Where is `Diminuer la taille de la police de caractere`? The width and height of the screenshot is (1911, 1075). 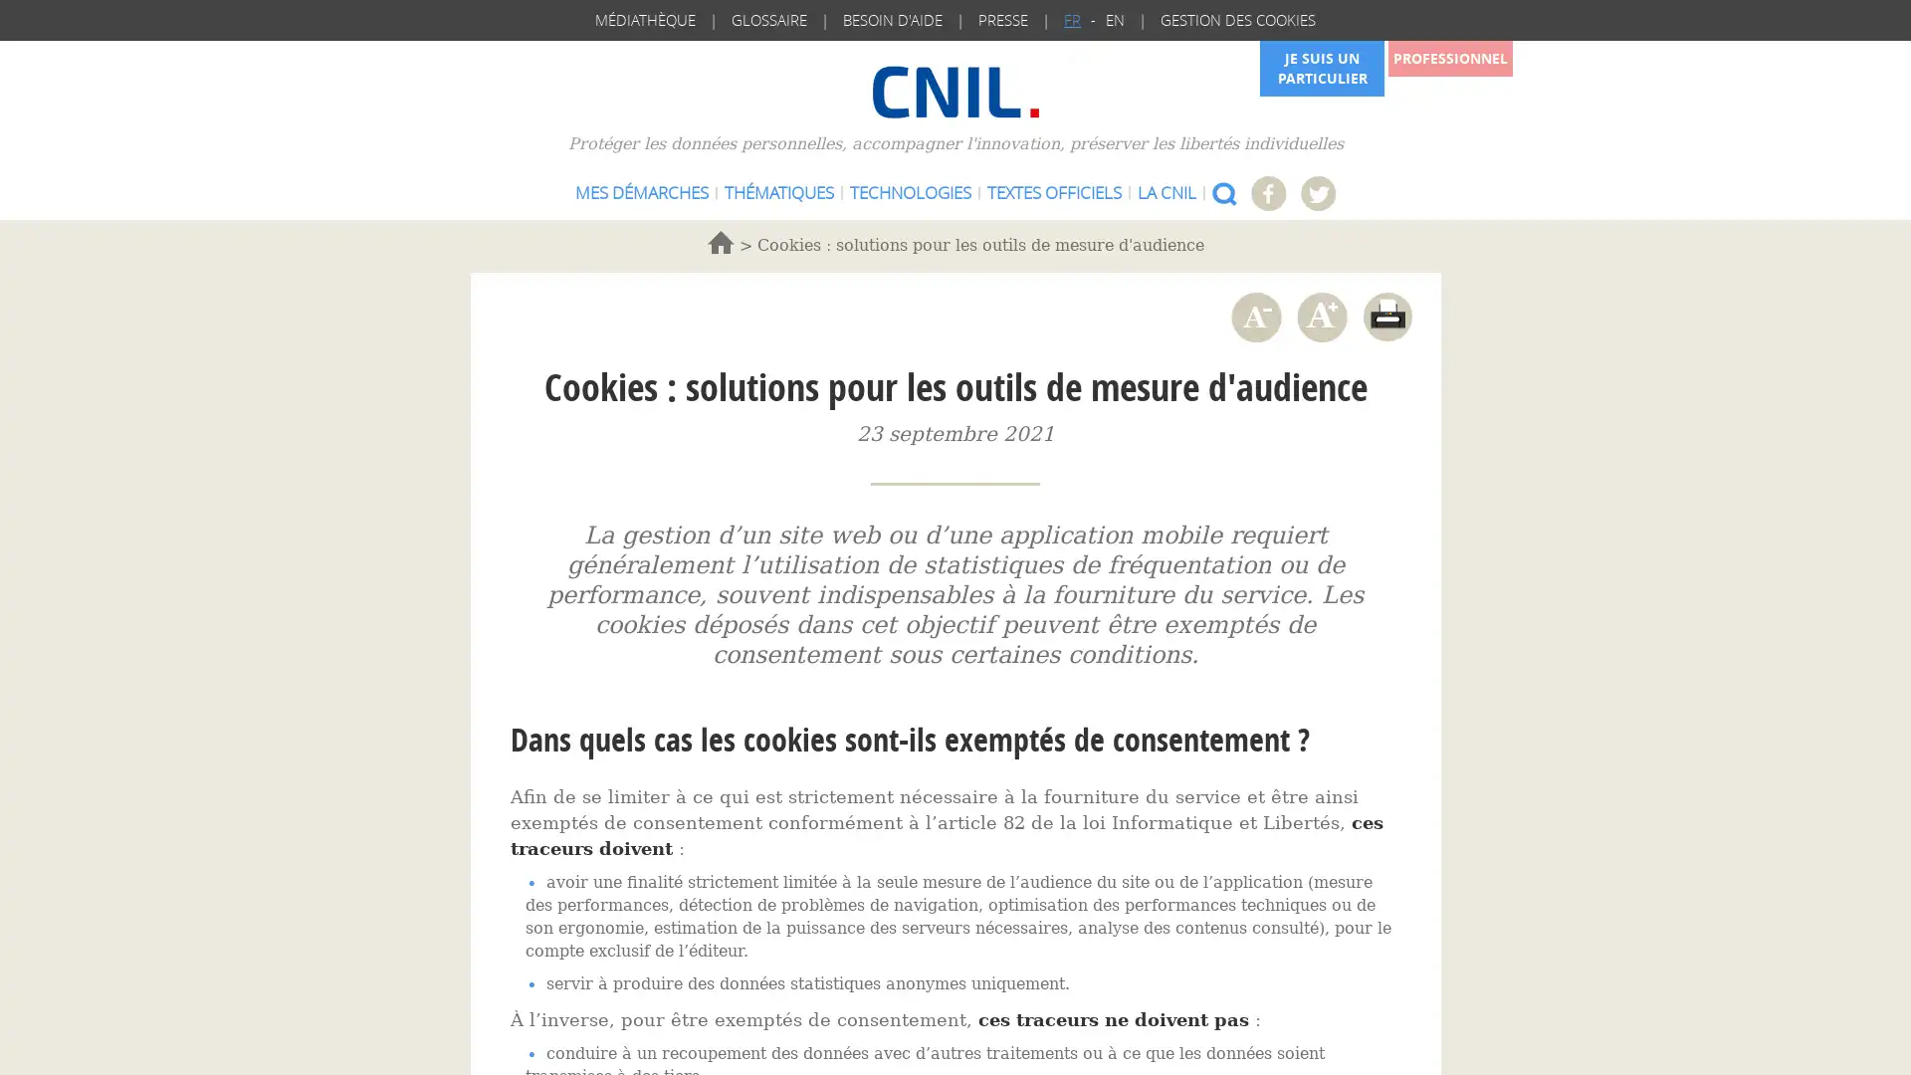 Diminuer la taille de la police de caractere is located at coordinates (1254, 316).